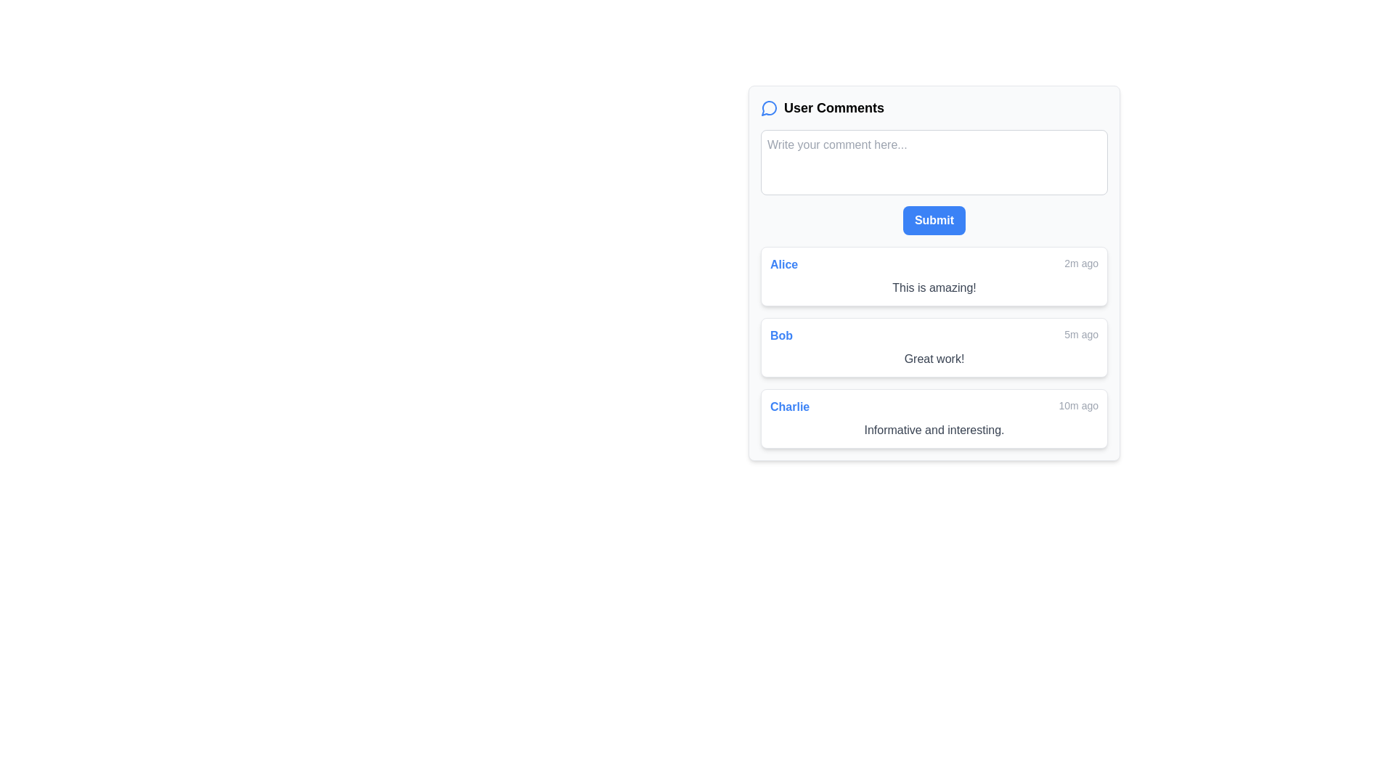  I want to click on the text label displaying 'Alice' in bold blue font located in the topmost comment section, positioned to the left of the timestamp '2m ago', so click(783, 265).